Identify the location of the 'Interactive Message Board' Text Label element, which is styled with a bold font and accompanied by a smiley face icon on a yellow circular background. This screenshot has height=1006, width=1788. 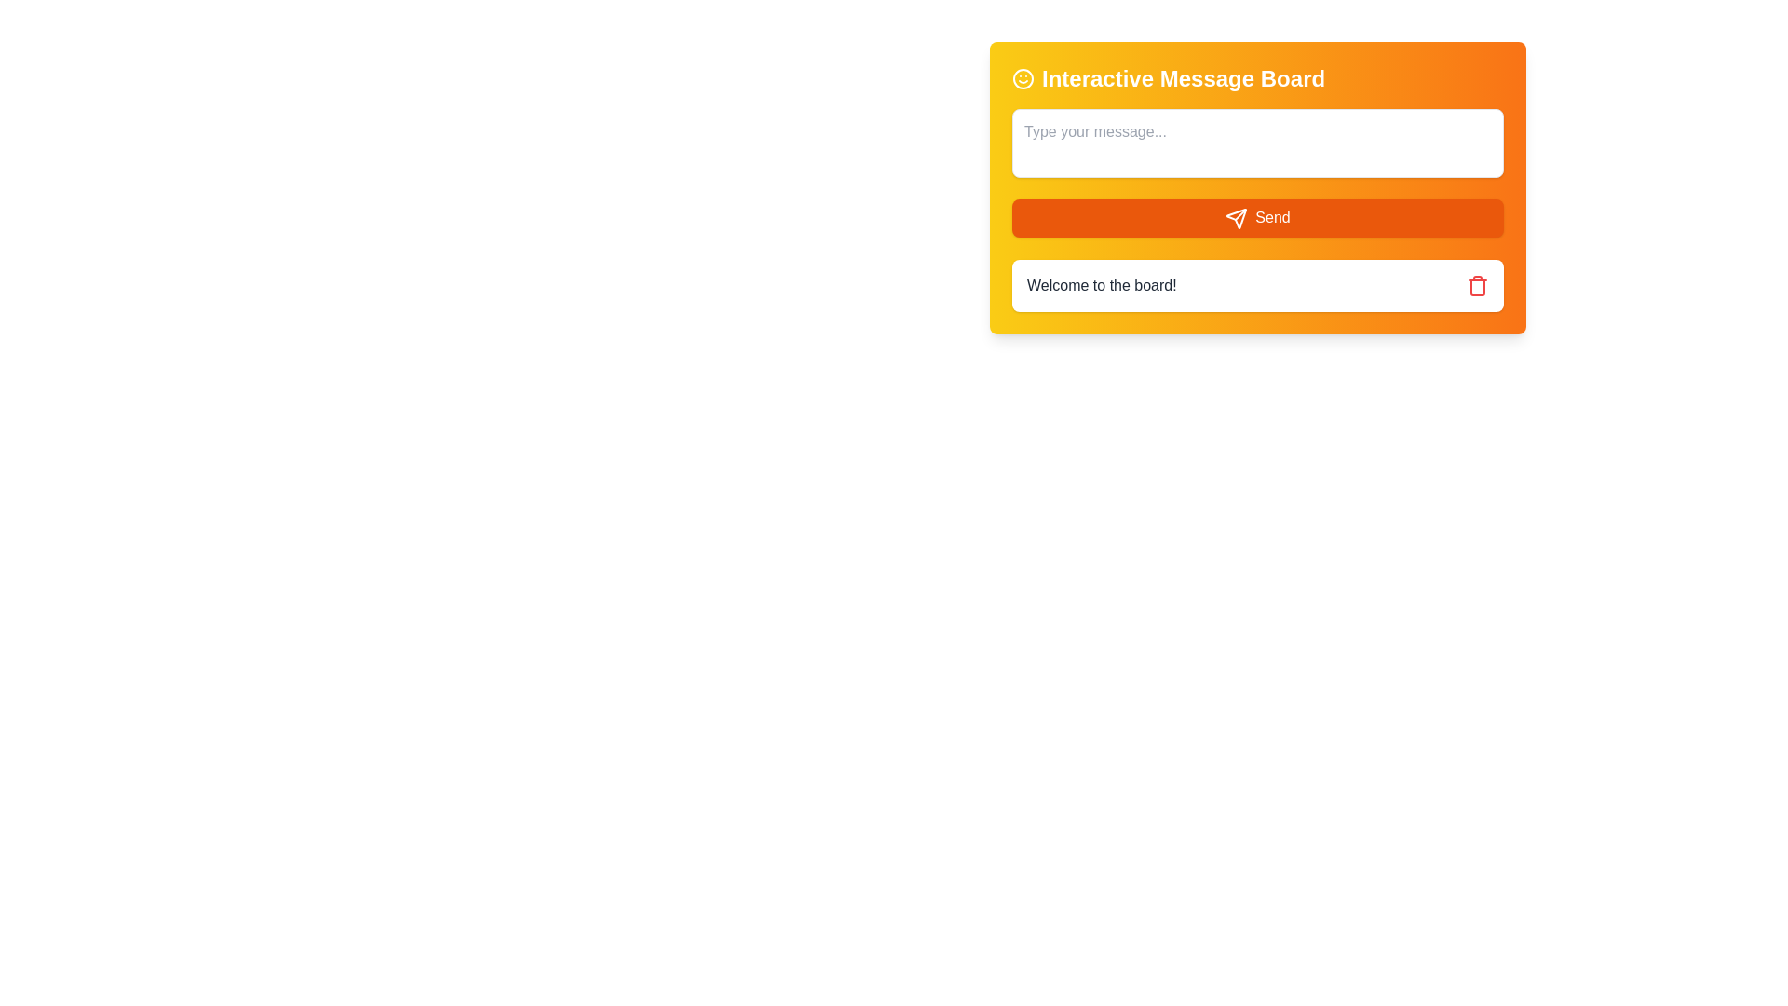
(1257, 77).